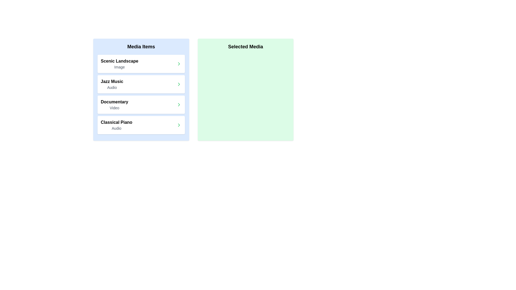 The width and height of the screenshot is (516, 290). What do you see at coordinates (179, 84) in the screenshot?
I see `right arrow button next to the item named 'Jazz Music' in the 'Media Items' list` at bounding box center [179, 84].